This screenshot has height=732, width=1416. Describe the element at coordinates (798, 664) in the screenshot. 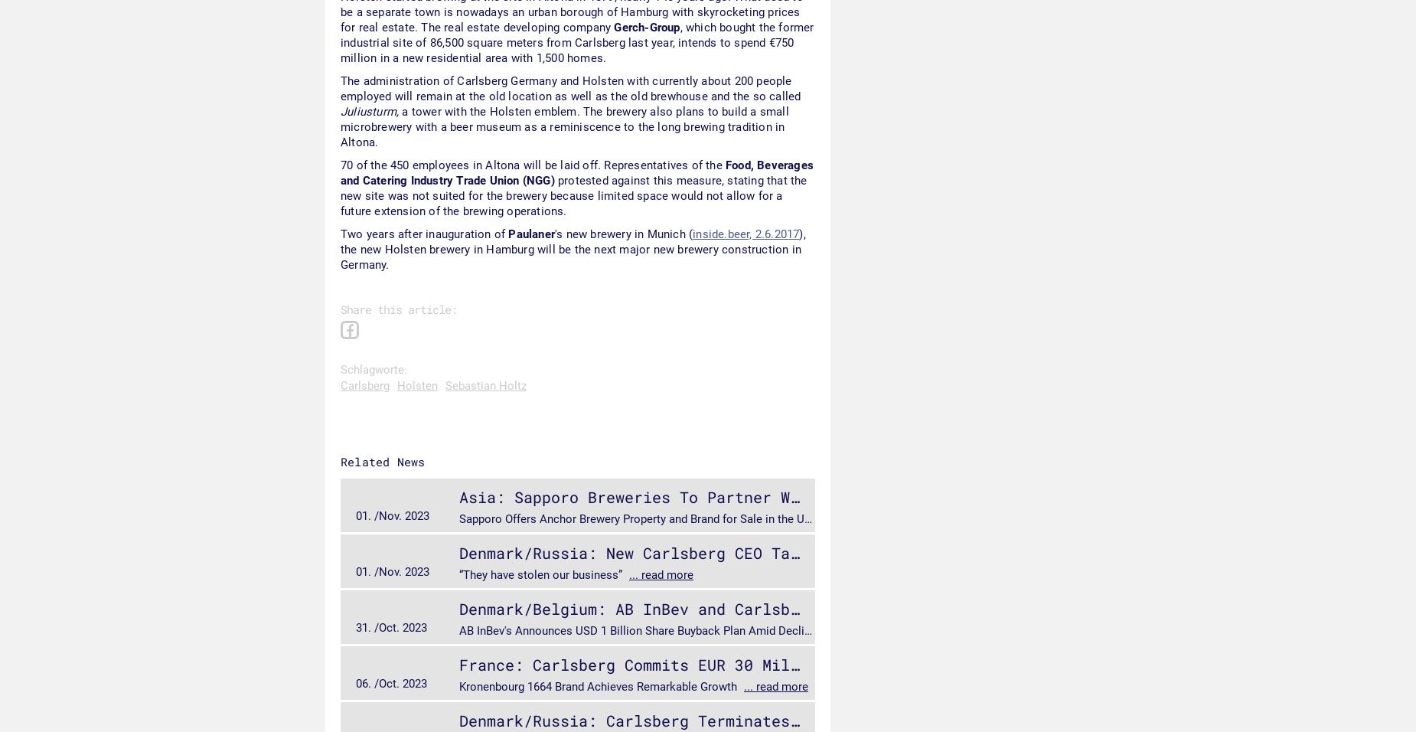

I see `'France: Carlsberg Commits EUR 30 Million Investment in Kronenbourg Brewery'` at that location.